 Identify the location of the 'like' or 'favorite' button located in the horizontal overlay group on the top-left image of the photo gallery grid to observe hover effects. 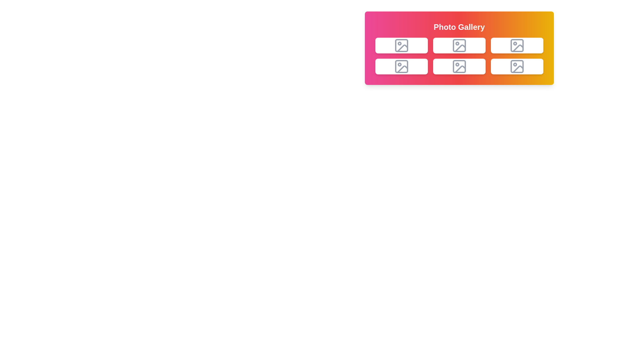
(409, 45).